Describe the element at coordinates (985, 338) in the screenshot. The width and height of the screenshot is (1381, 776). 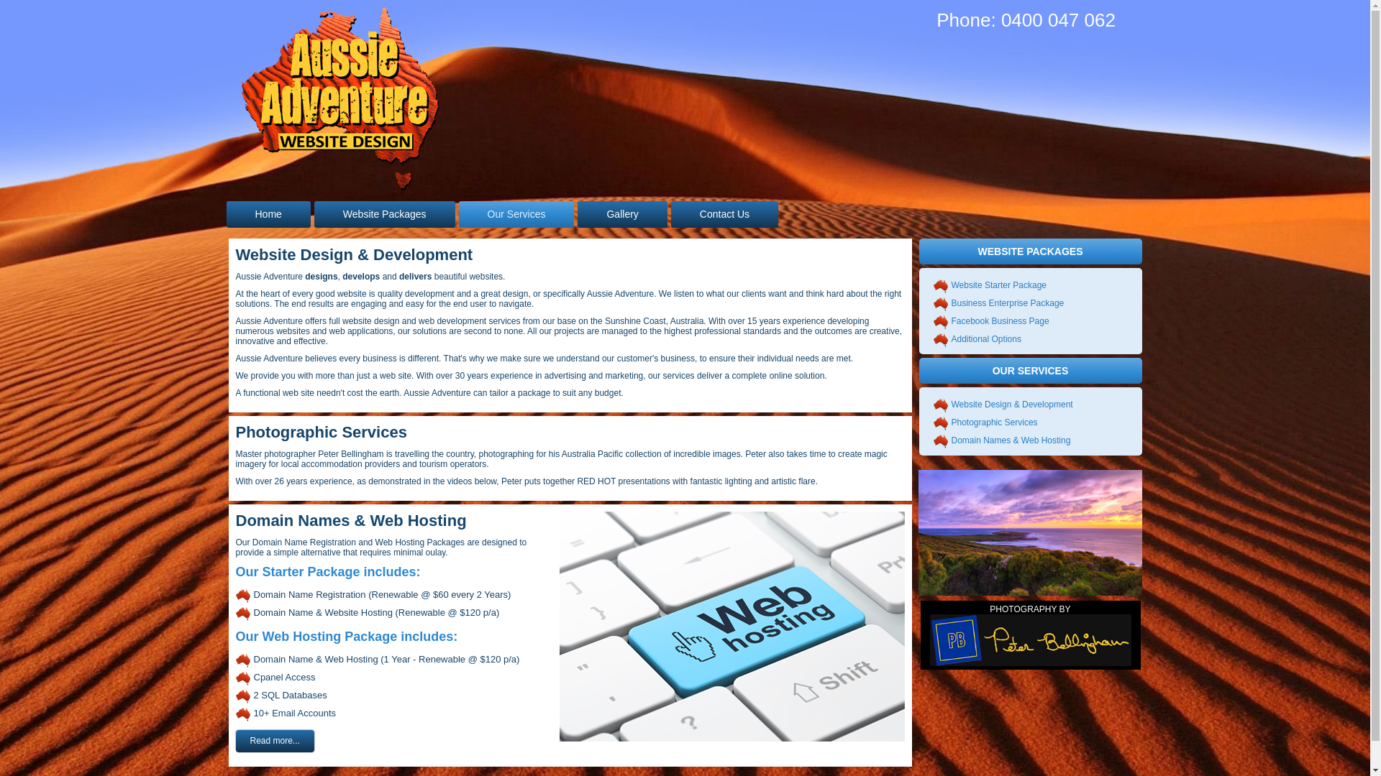
I see `'Additional Options'` at that location.